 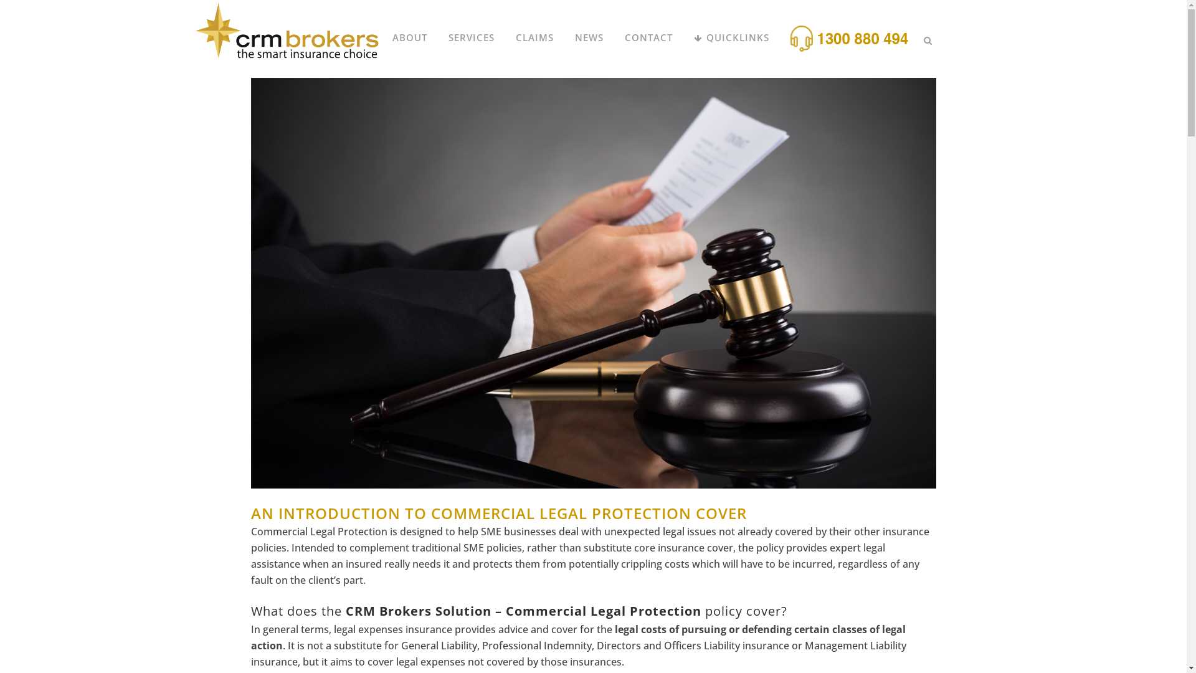 I want to click on 'CONTACT', so click(x=648, y=37).